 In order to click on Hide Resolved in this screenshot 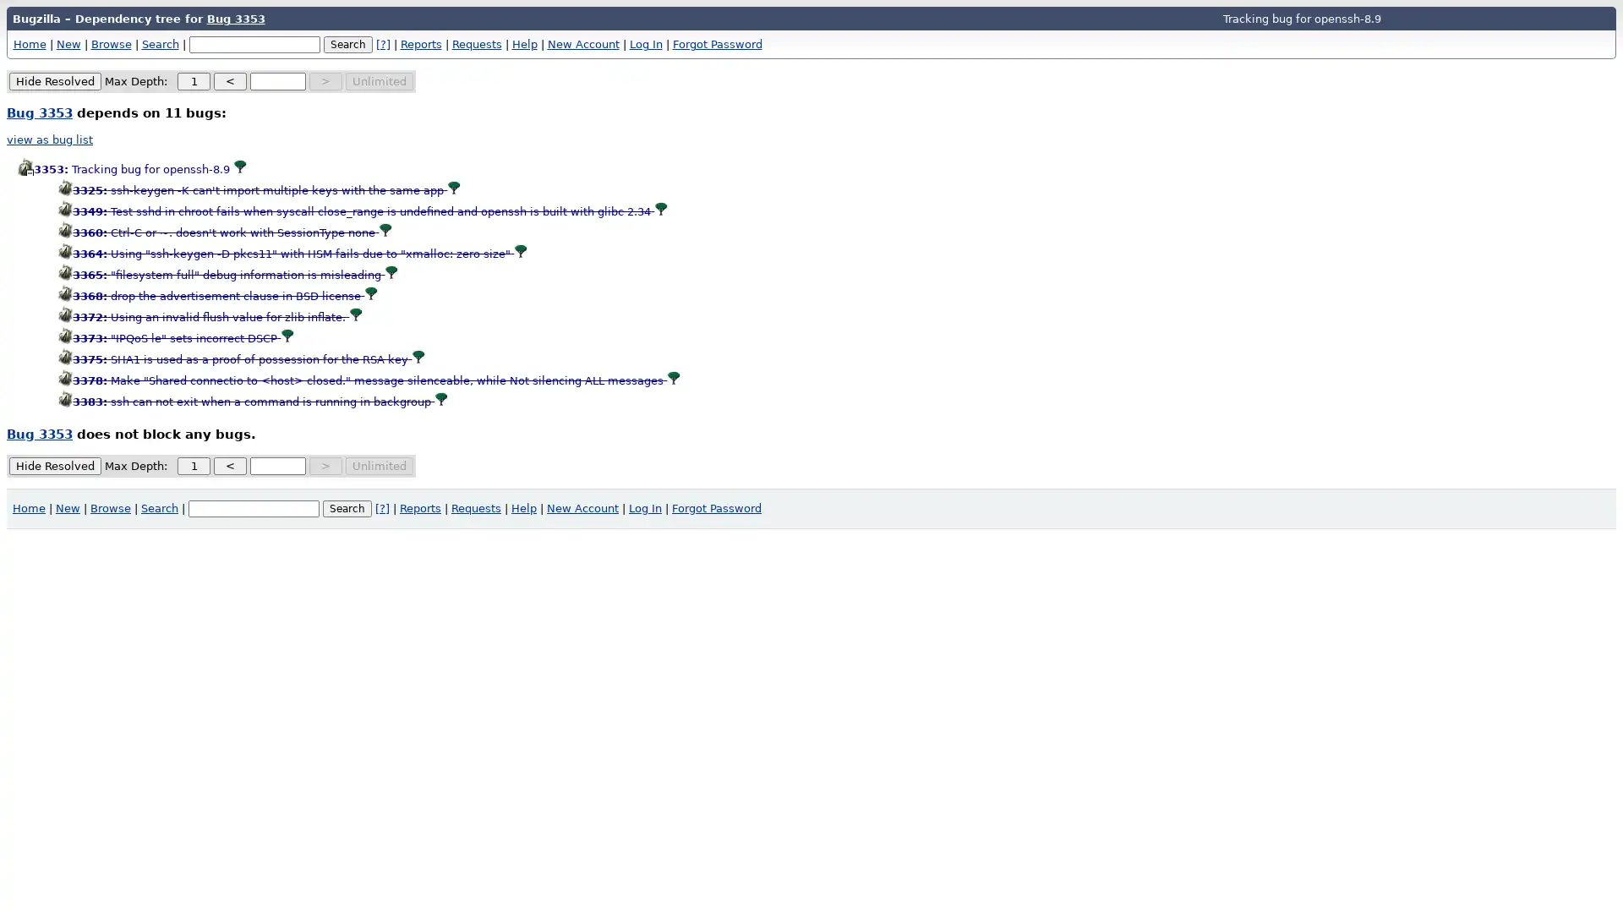, I will do `click(55, 81)`.